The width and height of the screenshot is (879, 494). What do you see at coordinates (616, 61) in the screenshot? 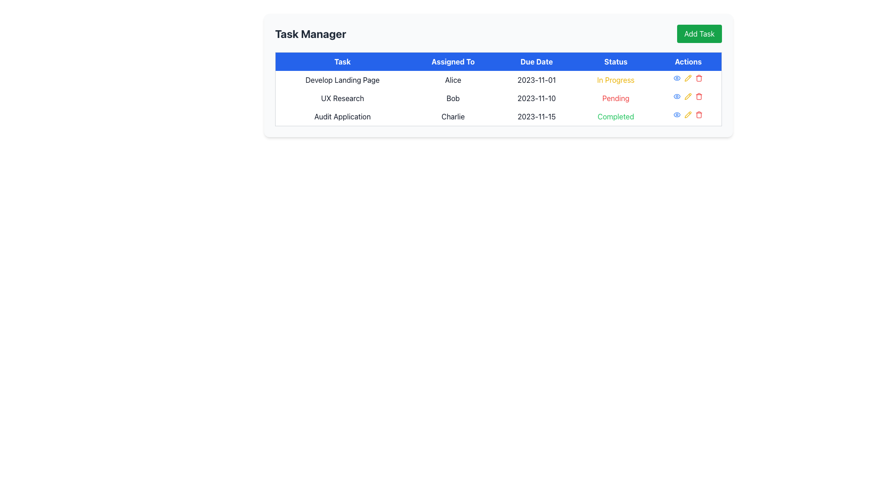
I see `the blue rectangular Table Header Cell labeled 'Status', which is the fourth column header in the table's header row` at bounding box center [616, 61].